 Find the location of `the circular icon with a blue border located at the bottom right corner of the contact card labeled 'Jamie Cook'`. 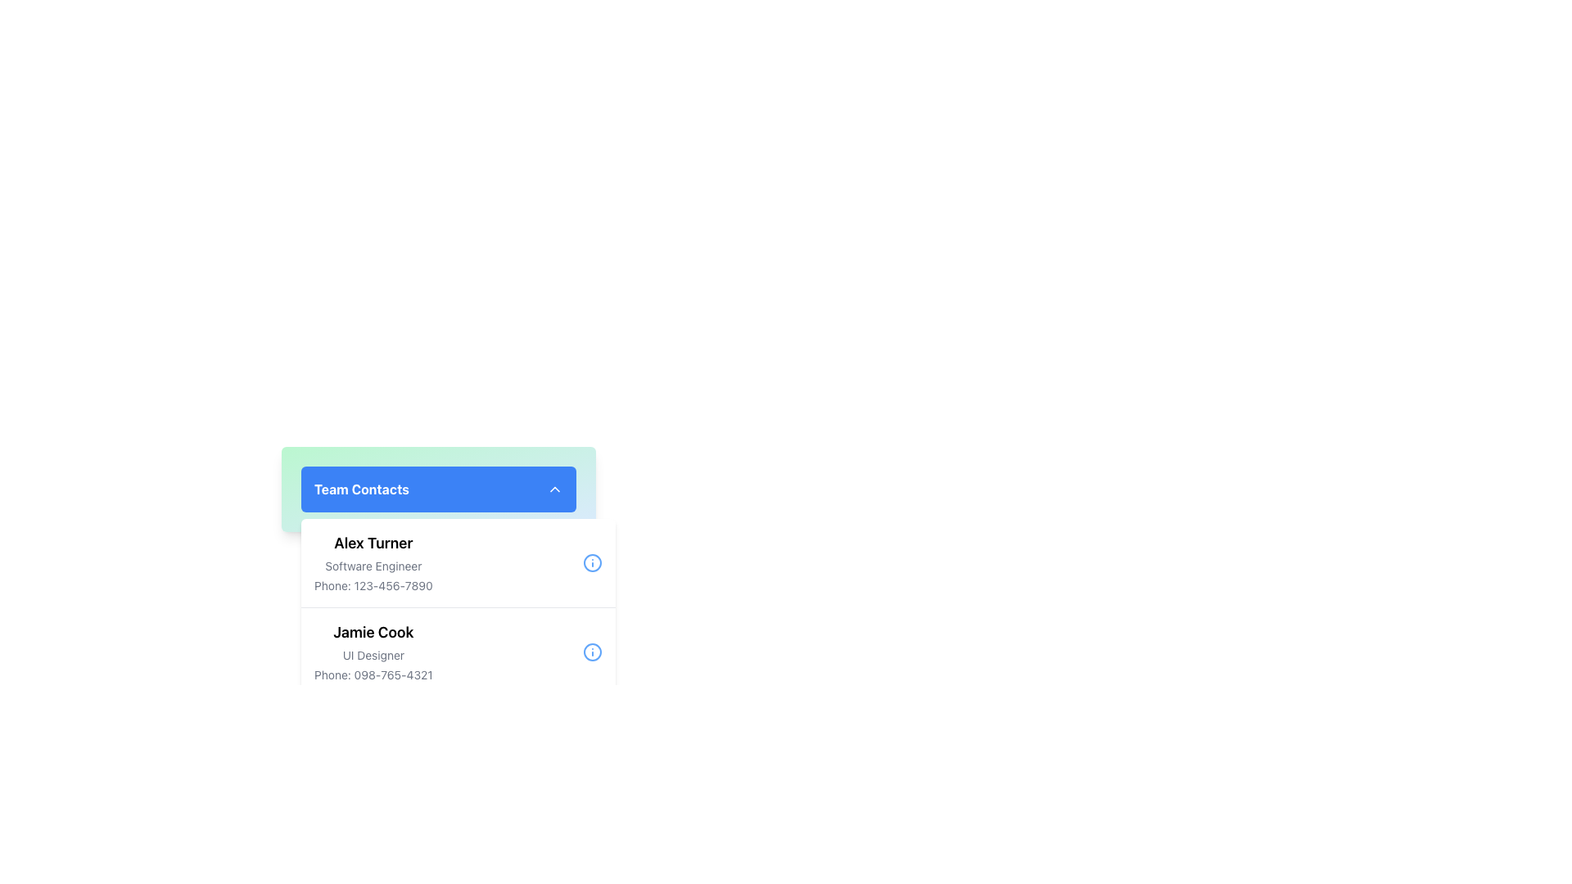

the circular icon with a blue border located at the bottom right corner of the contact card labeled 'Jamie Cook' is located at coordinates (592, 562).